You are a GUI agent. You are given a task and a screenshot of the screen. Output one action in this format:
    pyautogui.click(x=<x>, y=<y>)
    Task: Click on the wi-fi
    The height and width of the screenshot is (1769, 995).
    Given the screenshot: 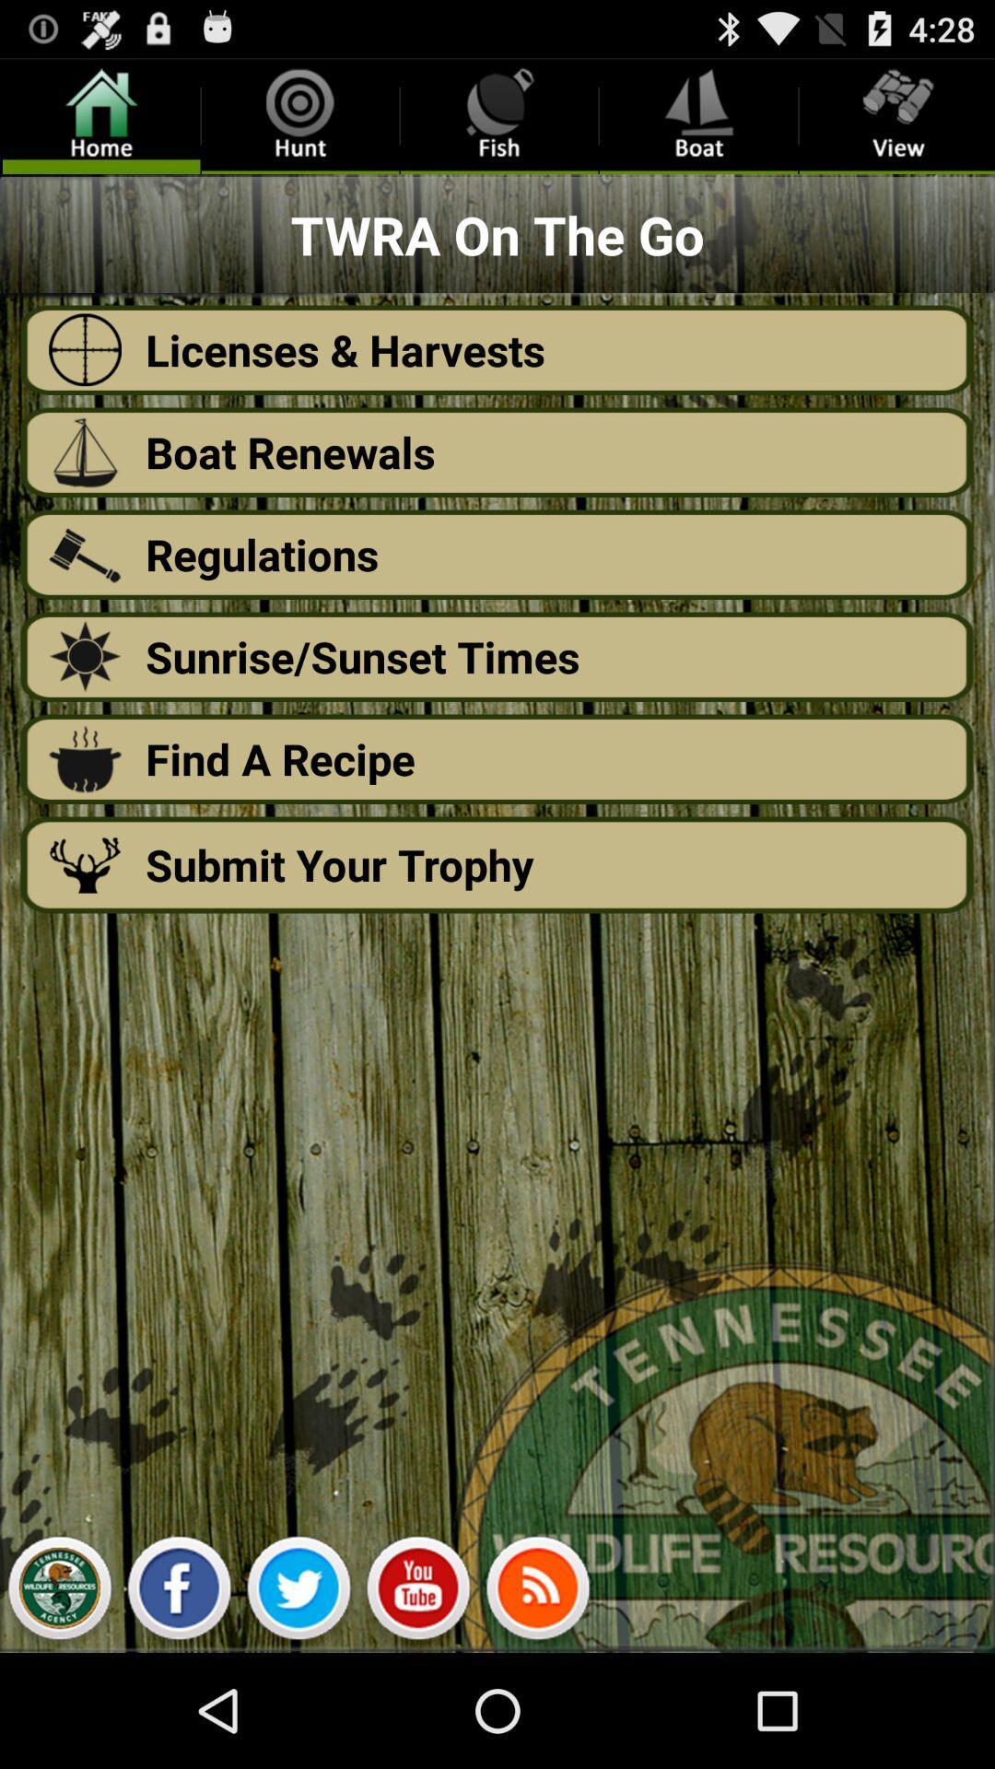 What is the action you would take?
    pyautogui.click(x=537, y=1592)
    